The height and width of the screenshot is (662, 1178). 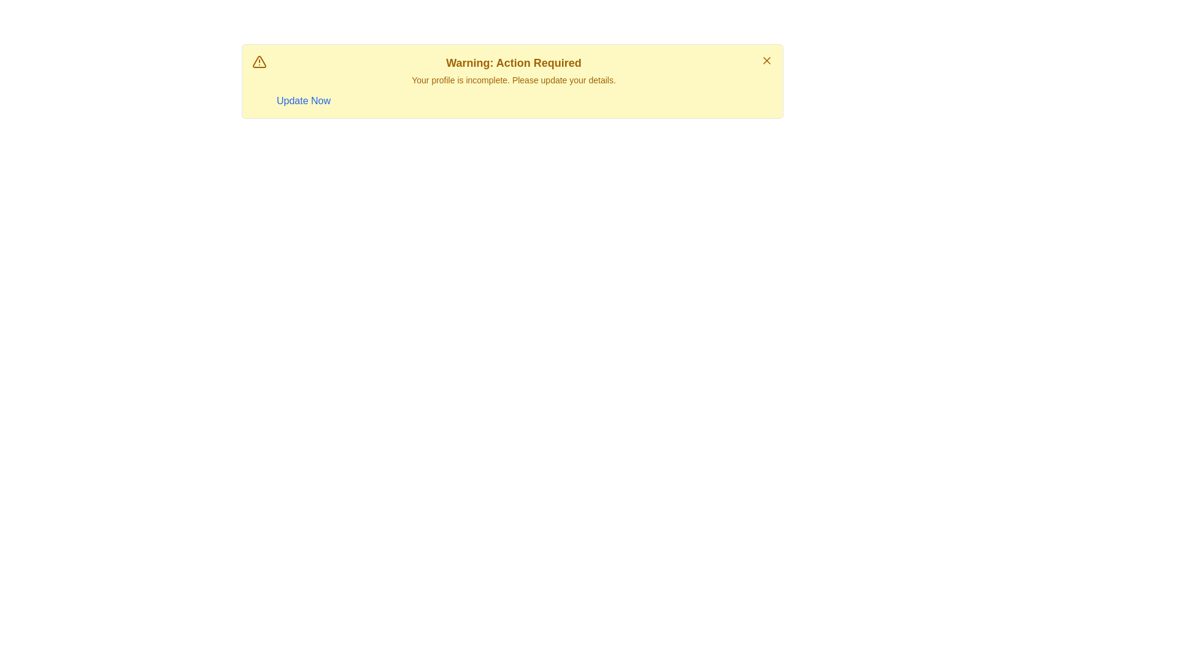 What do you see at coordinates (303, 101) in the screenshot?
I see `the 'Update Now' hyperlink, which is a blue text link located in the alert box with a yellow background, to observe the visual transition effect` at bounding box center [303, 101].